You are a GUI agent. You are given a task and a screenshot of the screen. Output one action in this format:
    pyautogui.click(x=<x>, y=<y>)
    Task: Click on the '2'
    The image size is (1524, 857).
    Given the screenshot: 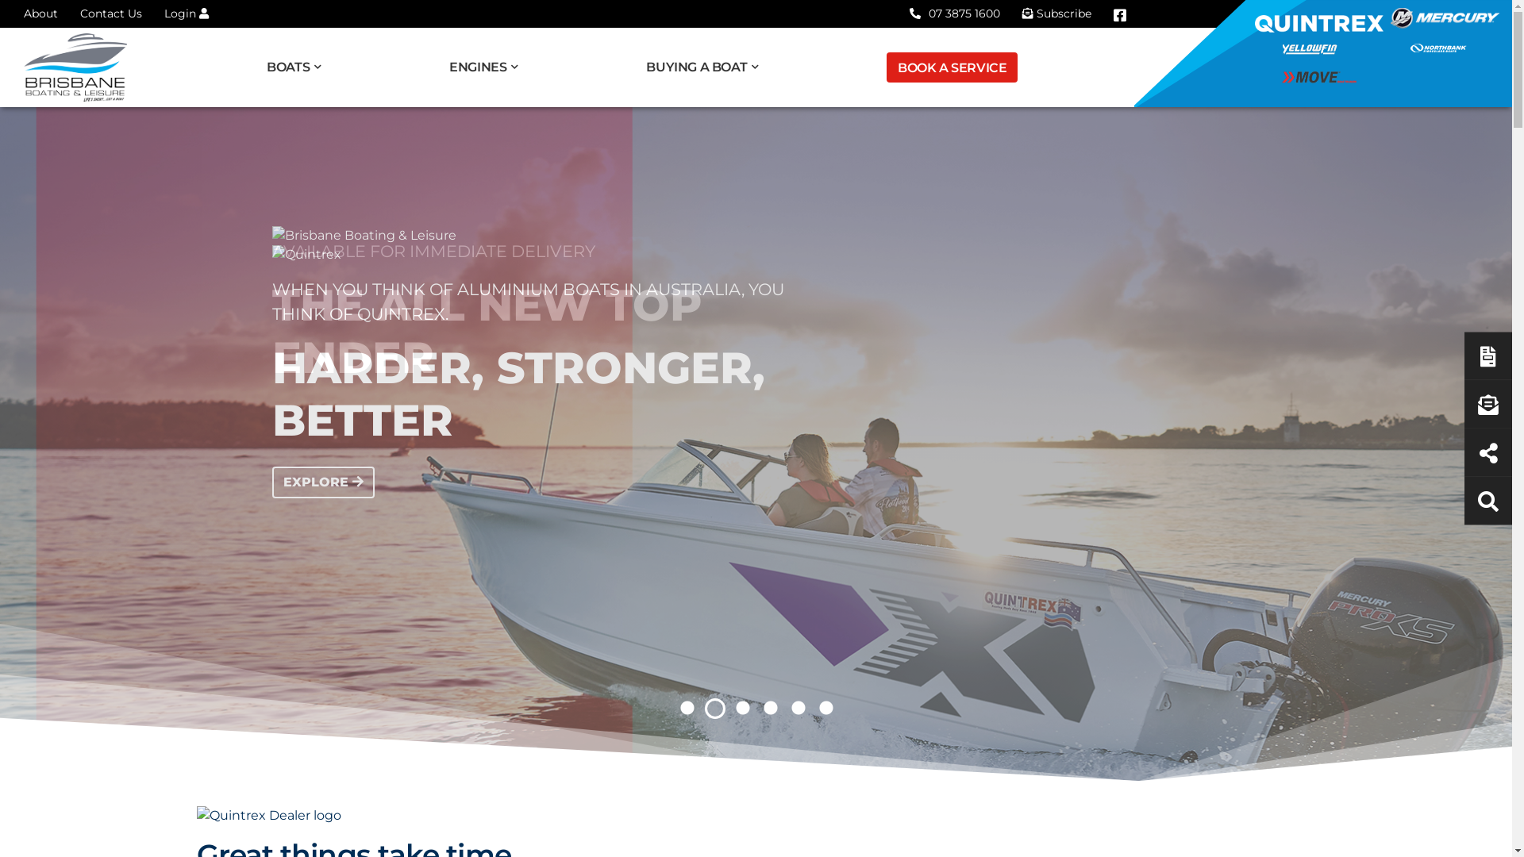 What is the action you would take?
    pyautogui.click(x=704, y=707)
    